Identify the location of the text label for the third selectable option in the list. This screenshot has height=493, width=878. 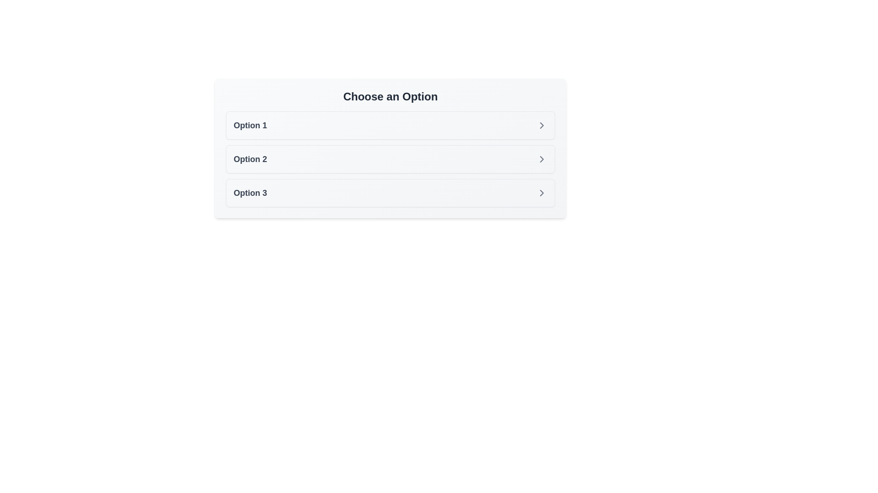
(250, 193).